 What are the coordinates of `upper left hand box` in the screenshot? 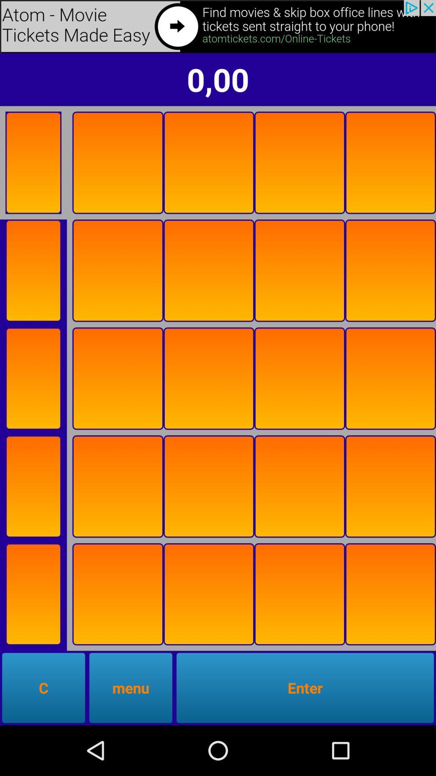 It's located at (33, 162).